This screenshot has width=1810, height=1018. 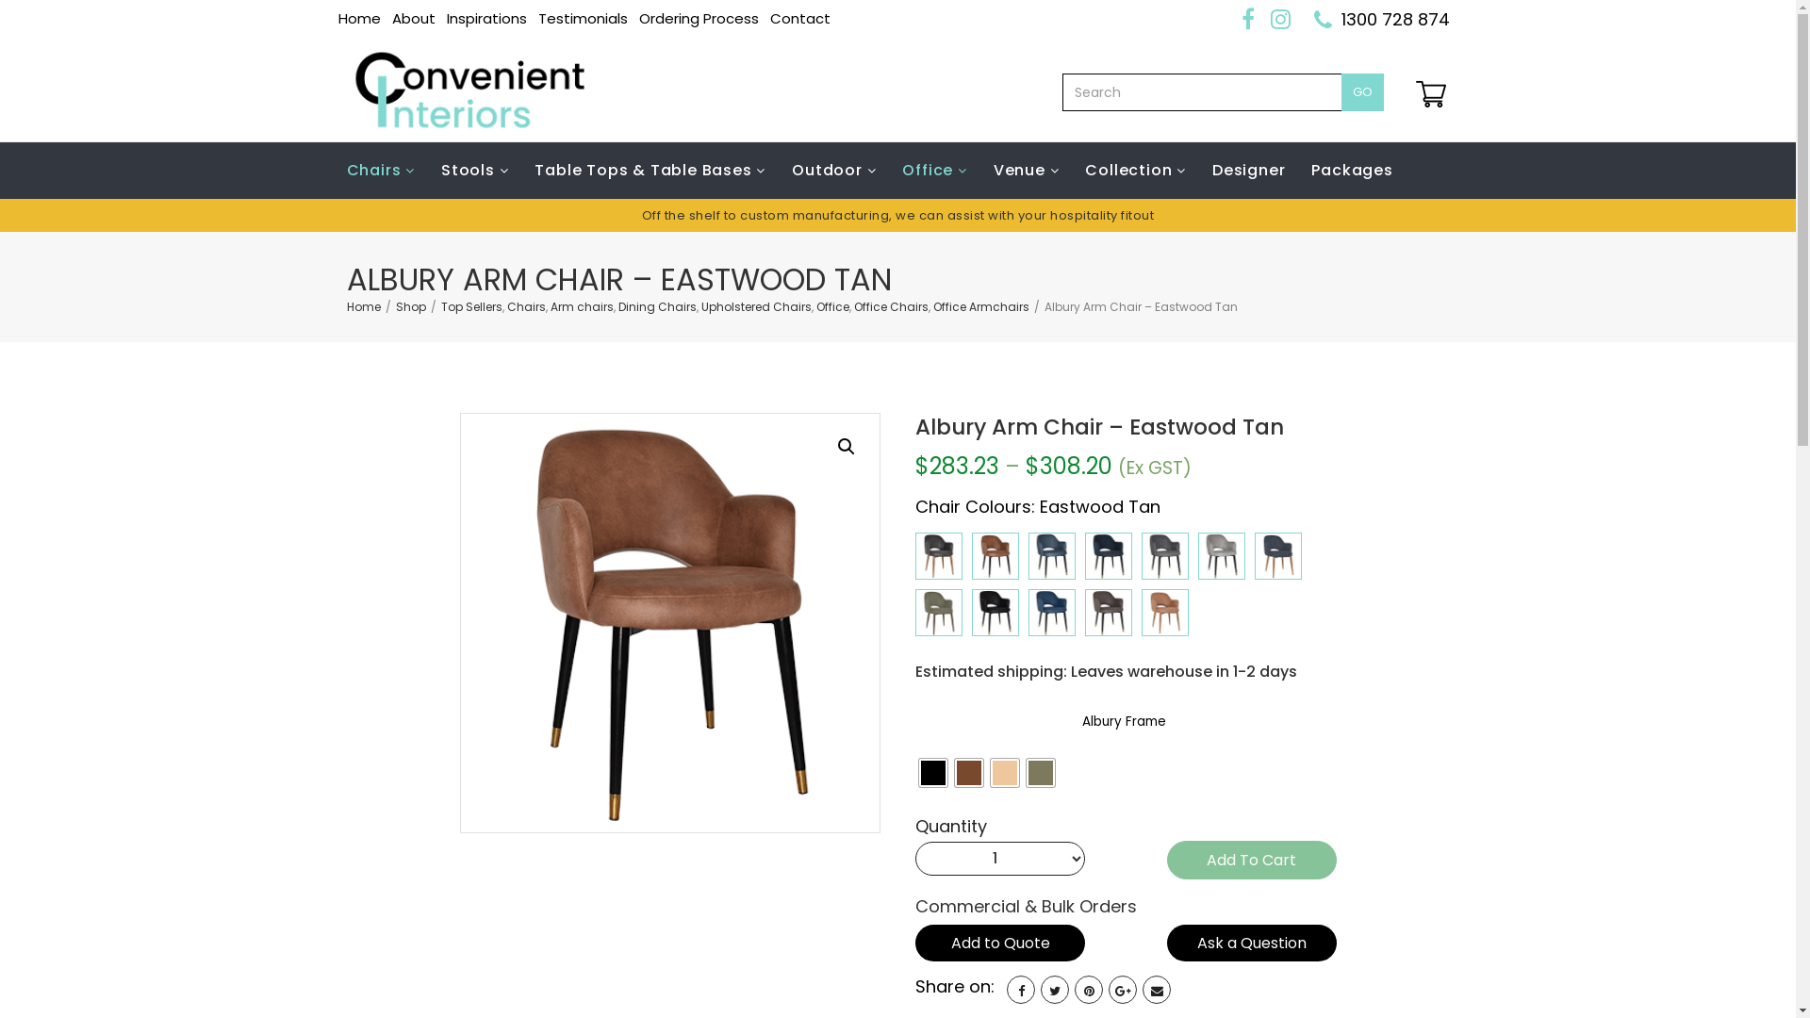 What do you see at coordinates (1278, 555) in the screenshot?
I see `'Albury Arm Chair - Pelle Navy'` at bounding box center [1278, 555].